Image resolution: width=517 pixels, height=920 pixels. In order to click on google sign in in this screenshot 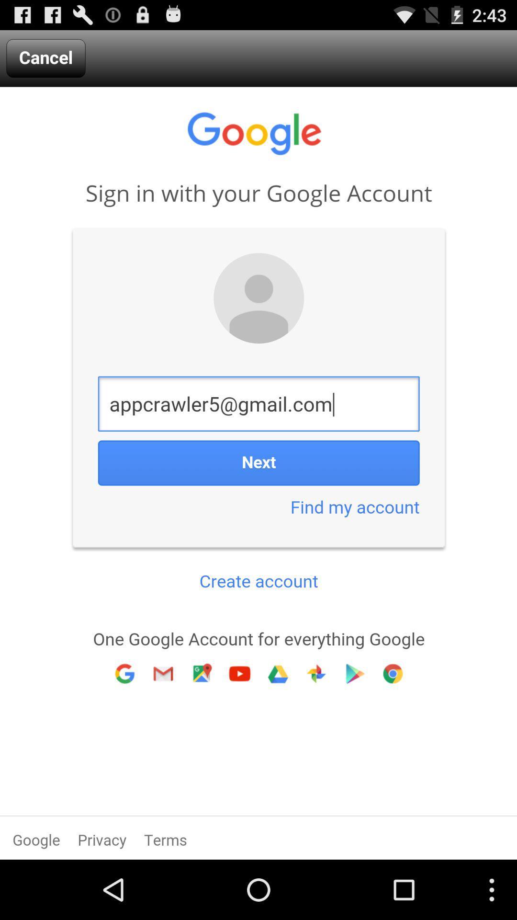, I will do `click(258, 473)`.